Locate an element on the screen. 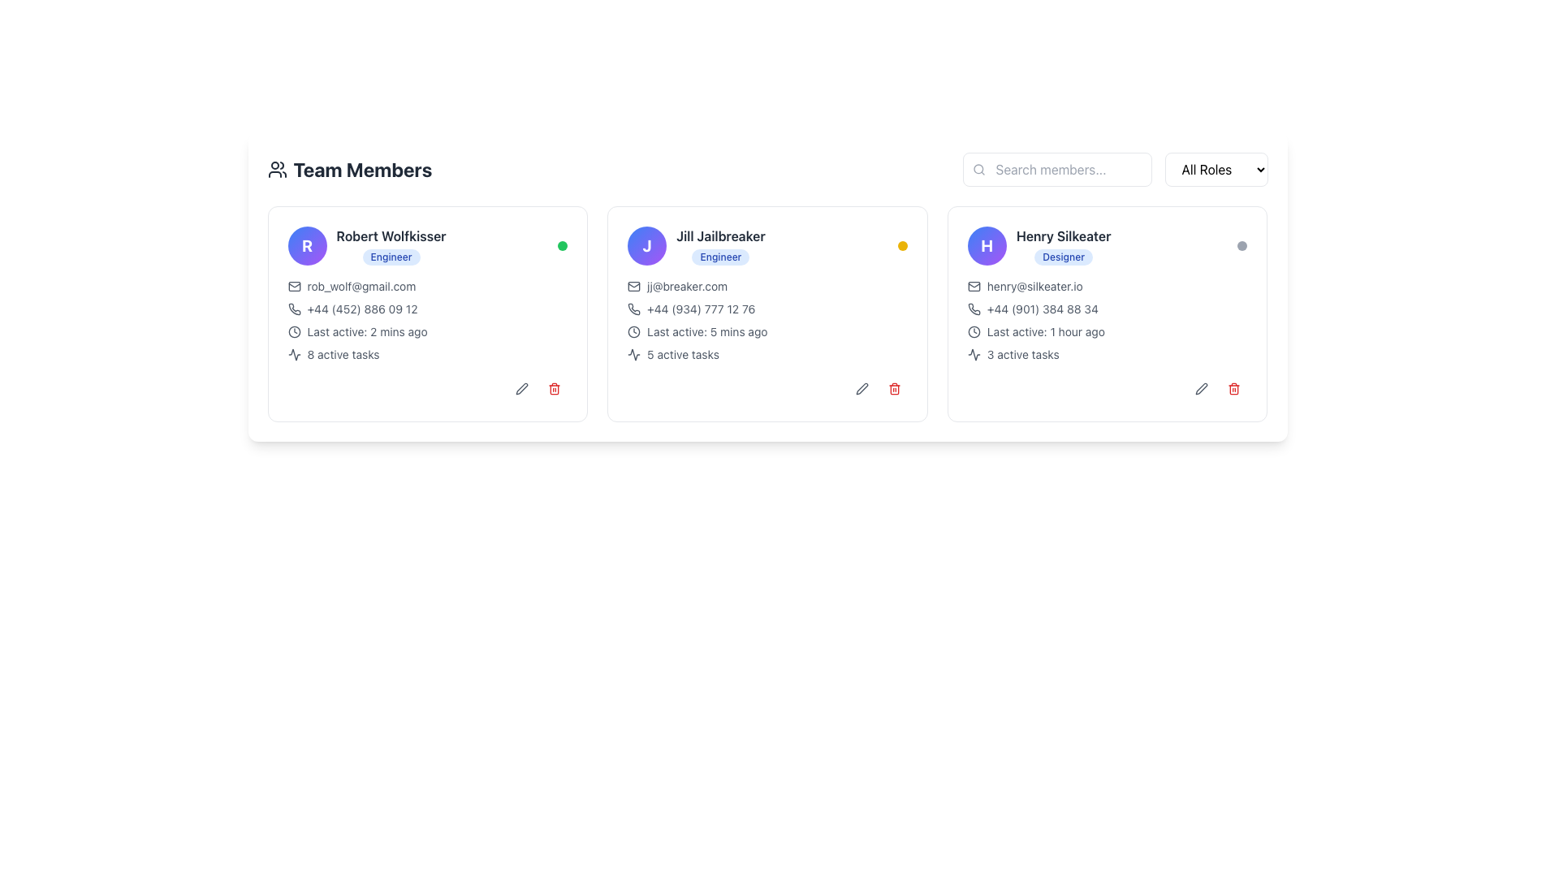 This screenshot has height=877, width=1559. the decorative email icon located to the left of the text 'henry@silkeater.io' under the user's name 'Henry Silkeater' is located at coordinates (974, 286).